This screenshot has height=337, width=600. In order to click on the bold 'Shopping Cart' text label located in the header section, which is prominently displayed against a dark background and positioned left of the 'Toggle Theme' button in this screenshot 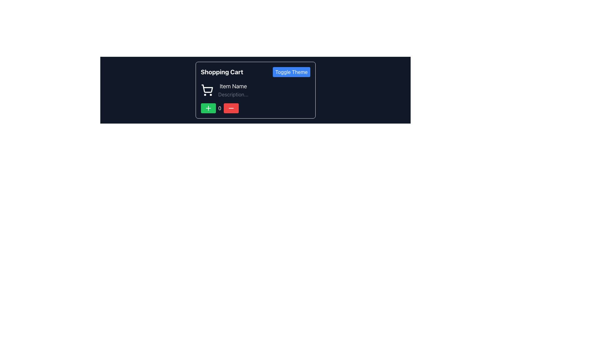, I will do `click(222, 72)`.